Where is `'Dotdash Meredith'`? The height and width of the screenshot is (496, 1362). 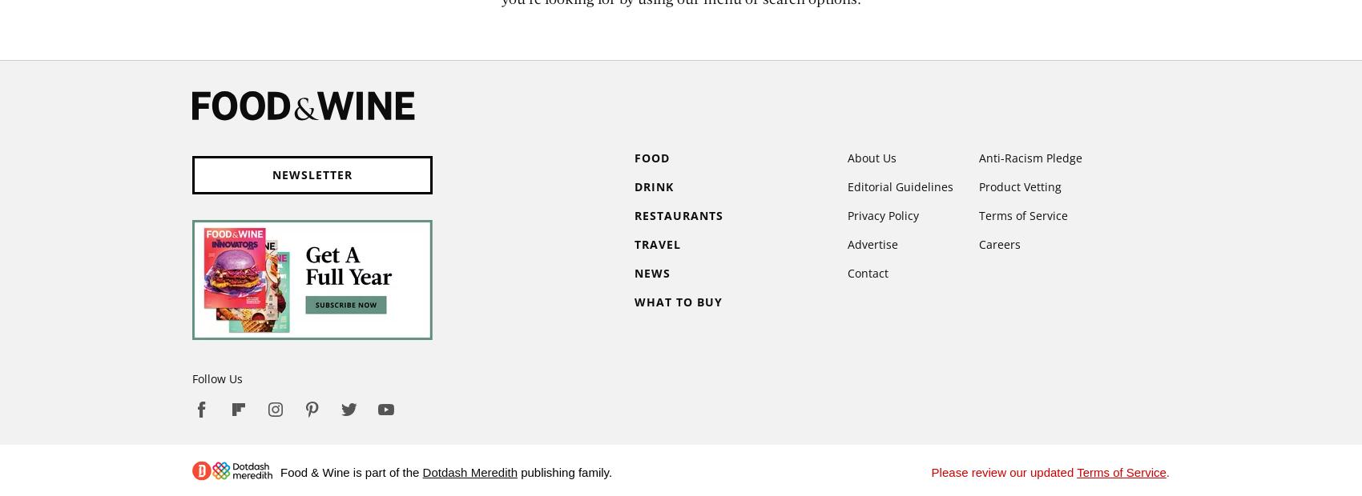
'Dotdash Meredith' is located at coordinates (469, 472).